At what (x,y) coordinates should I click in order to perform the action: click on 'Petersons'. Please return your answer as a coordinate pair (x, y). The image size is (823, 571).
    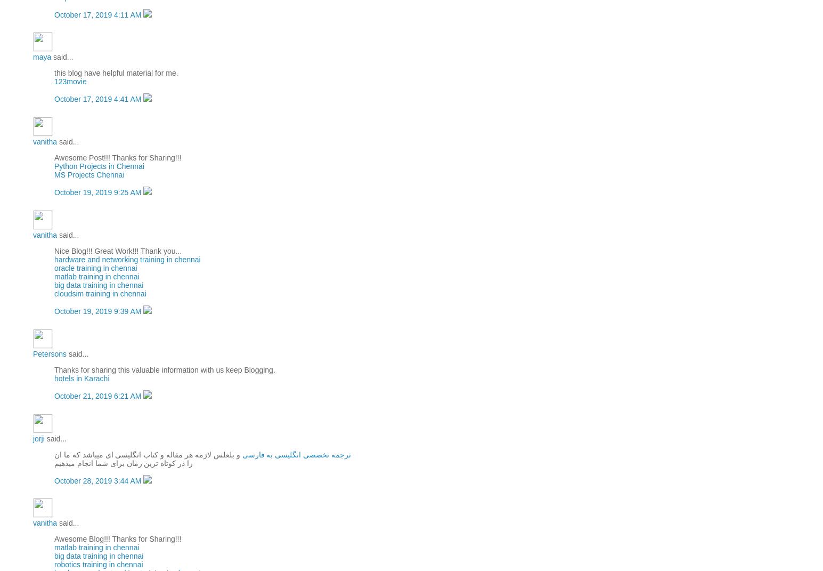
    Looking at the image, I should click on (49, 352).